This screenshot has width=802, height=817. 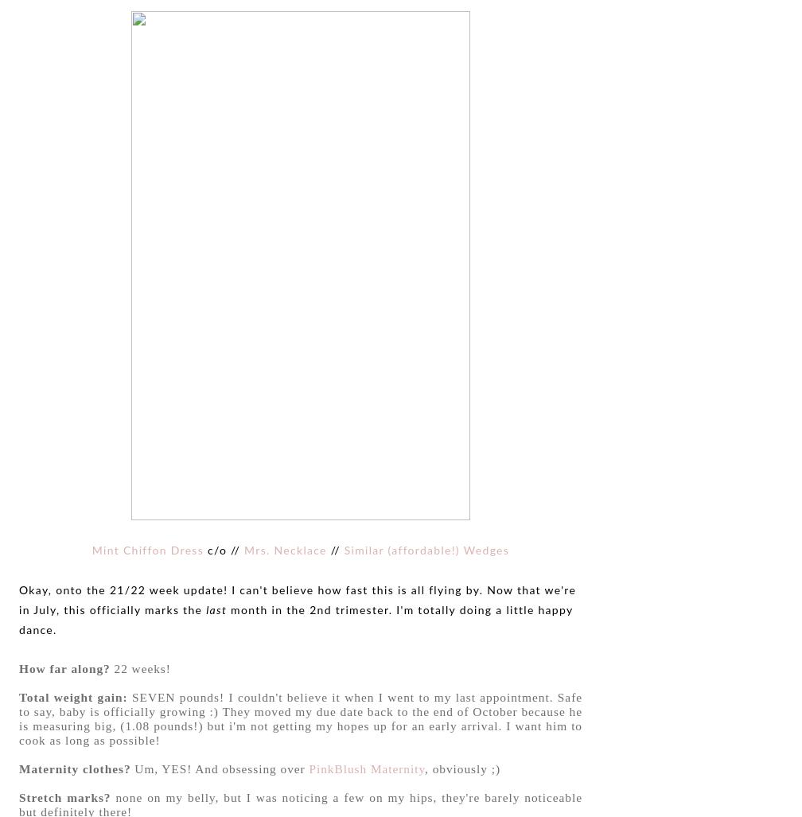 I want to click on 'month in the 2nd trimester. I'm totally doing a little happy dance.', so click(x=295, y=620).